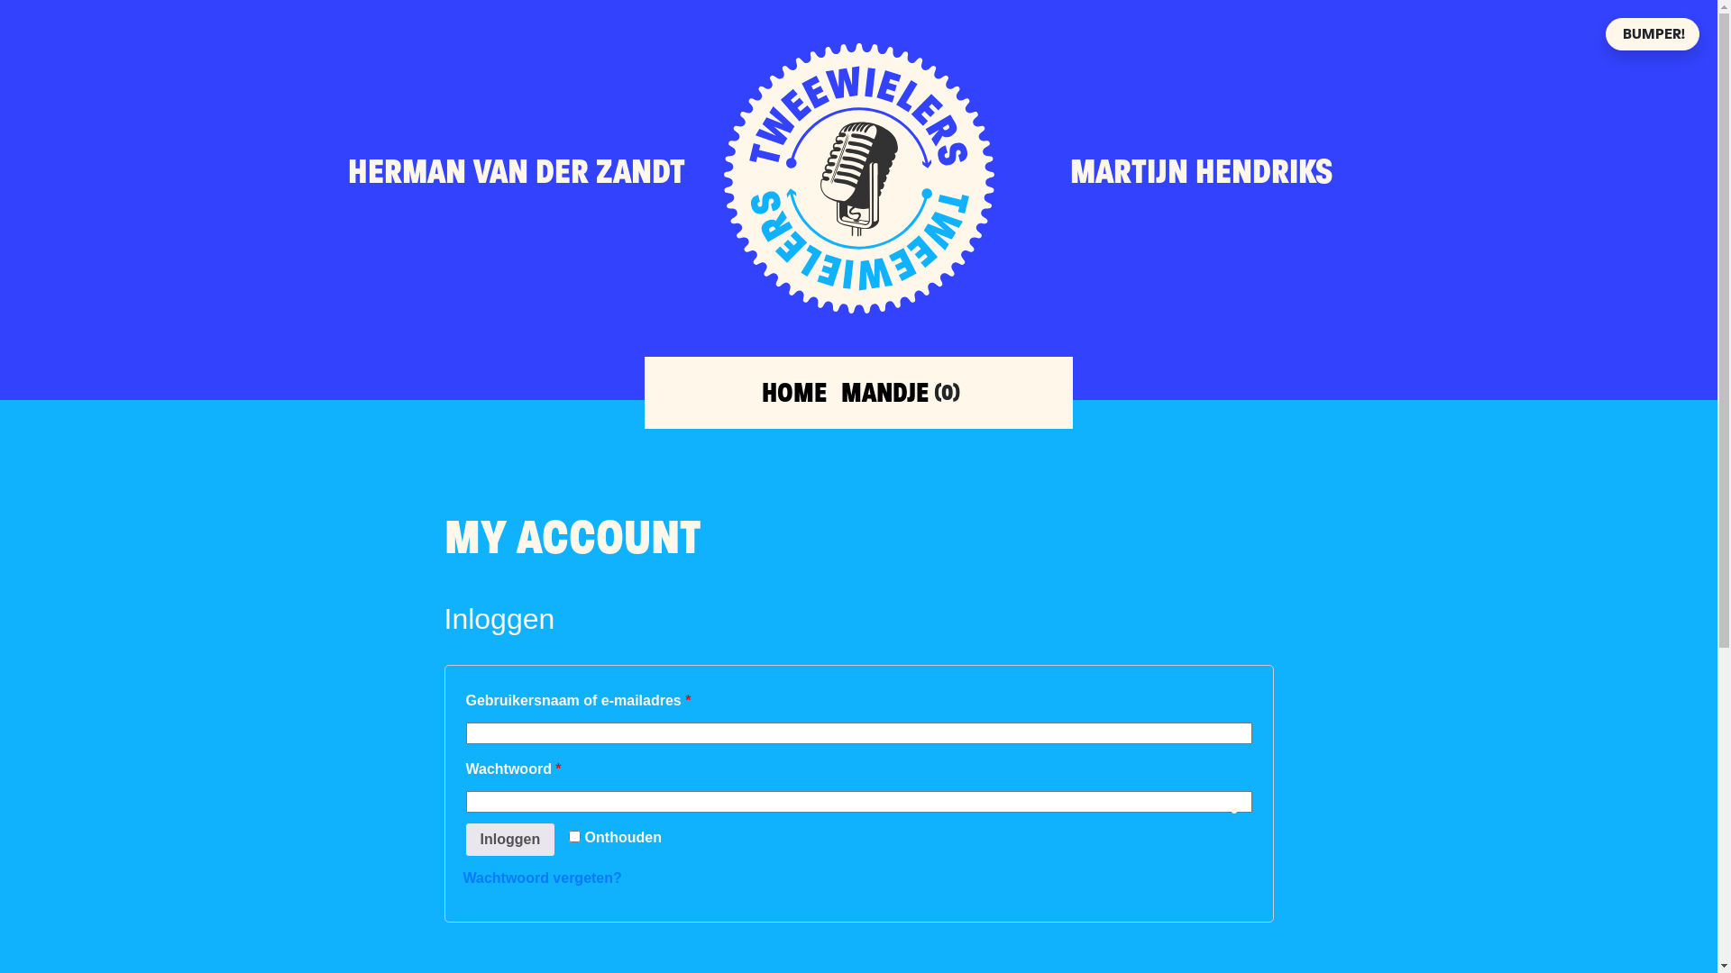  Describe the element at coordinates (761, 391) in the screenshot. I see `'HOME'` at that location.